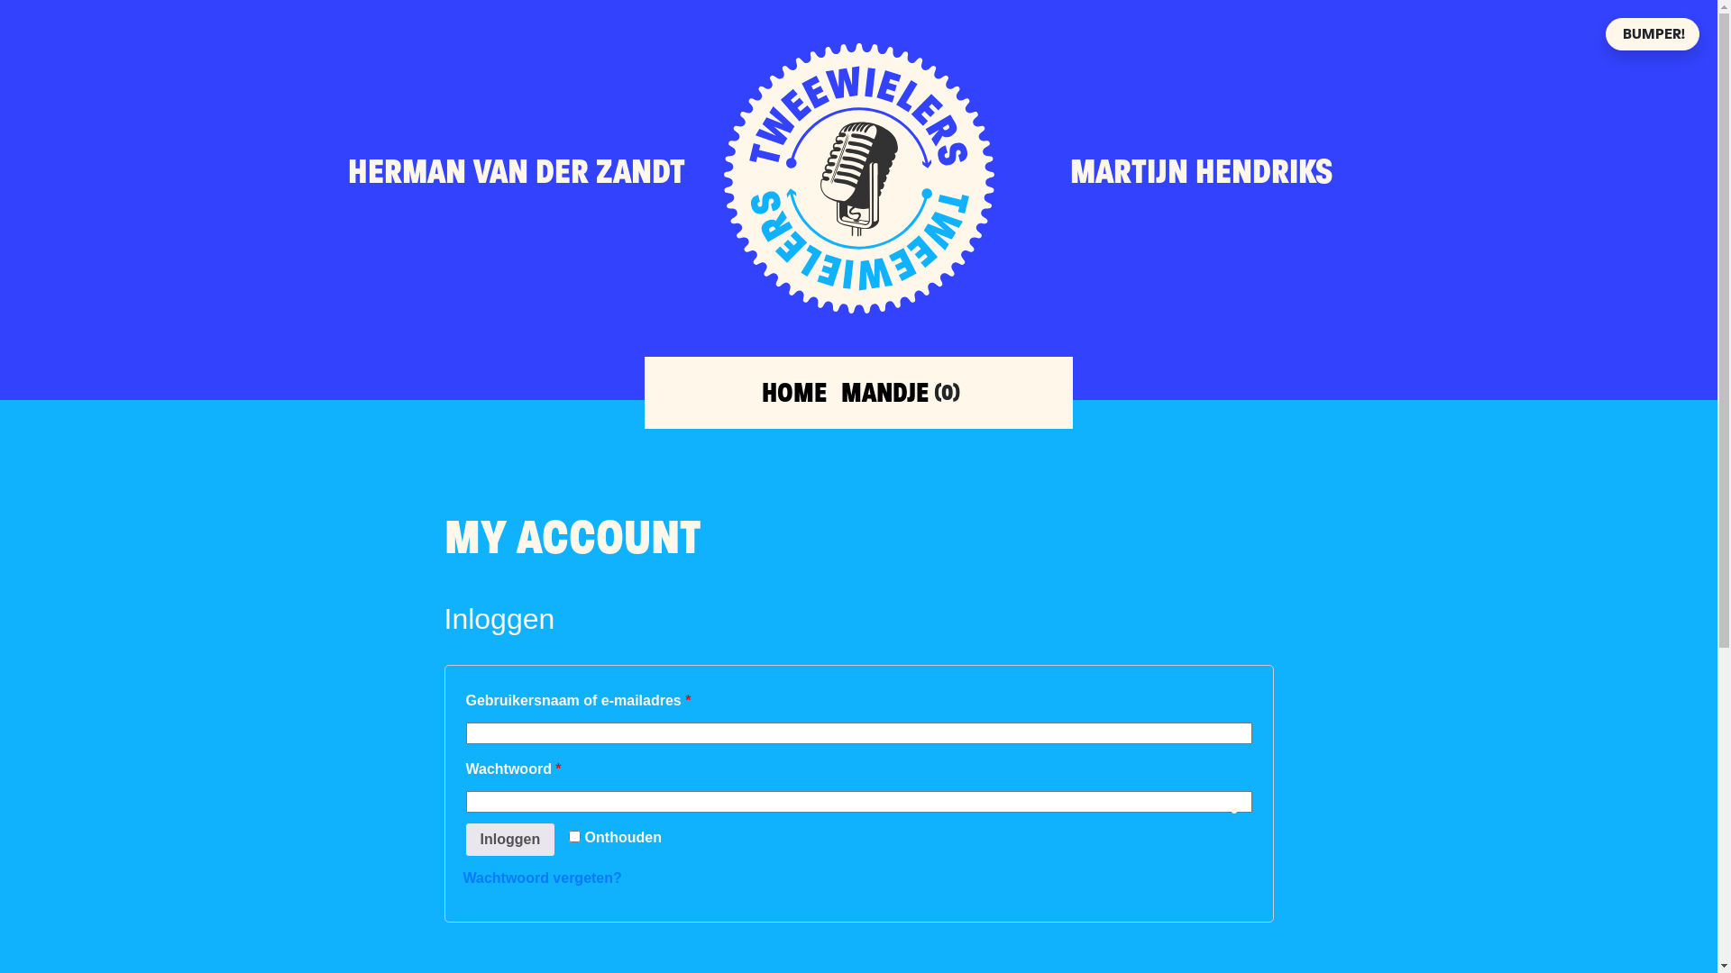  Describe the element at coordinates (761, 391) in the screenshot. I see `'HOME'` at that location.